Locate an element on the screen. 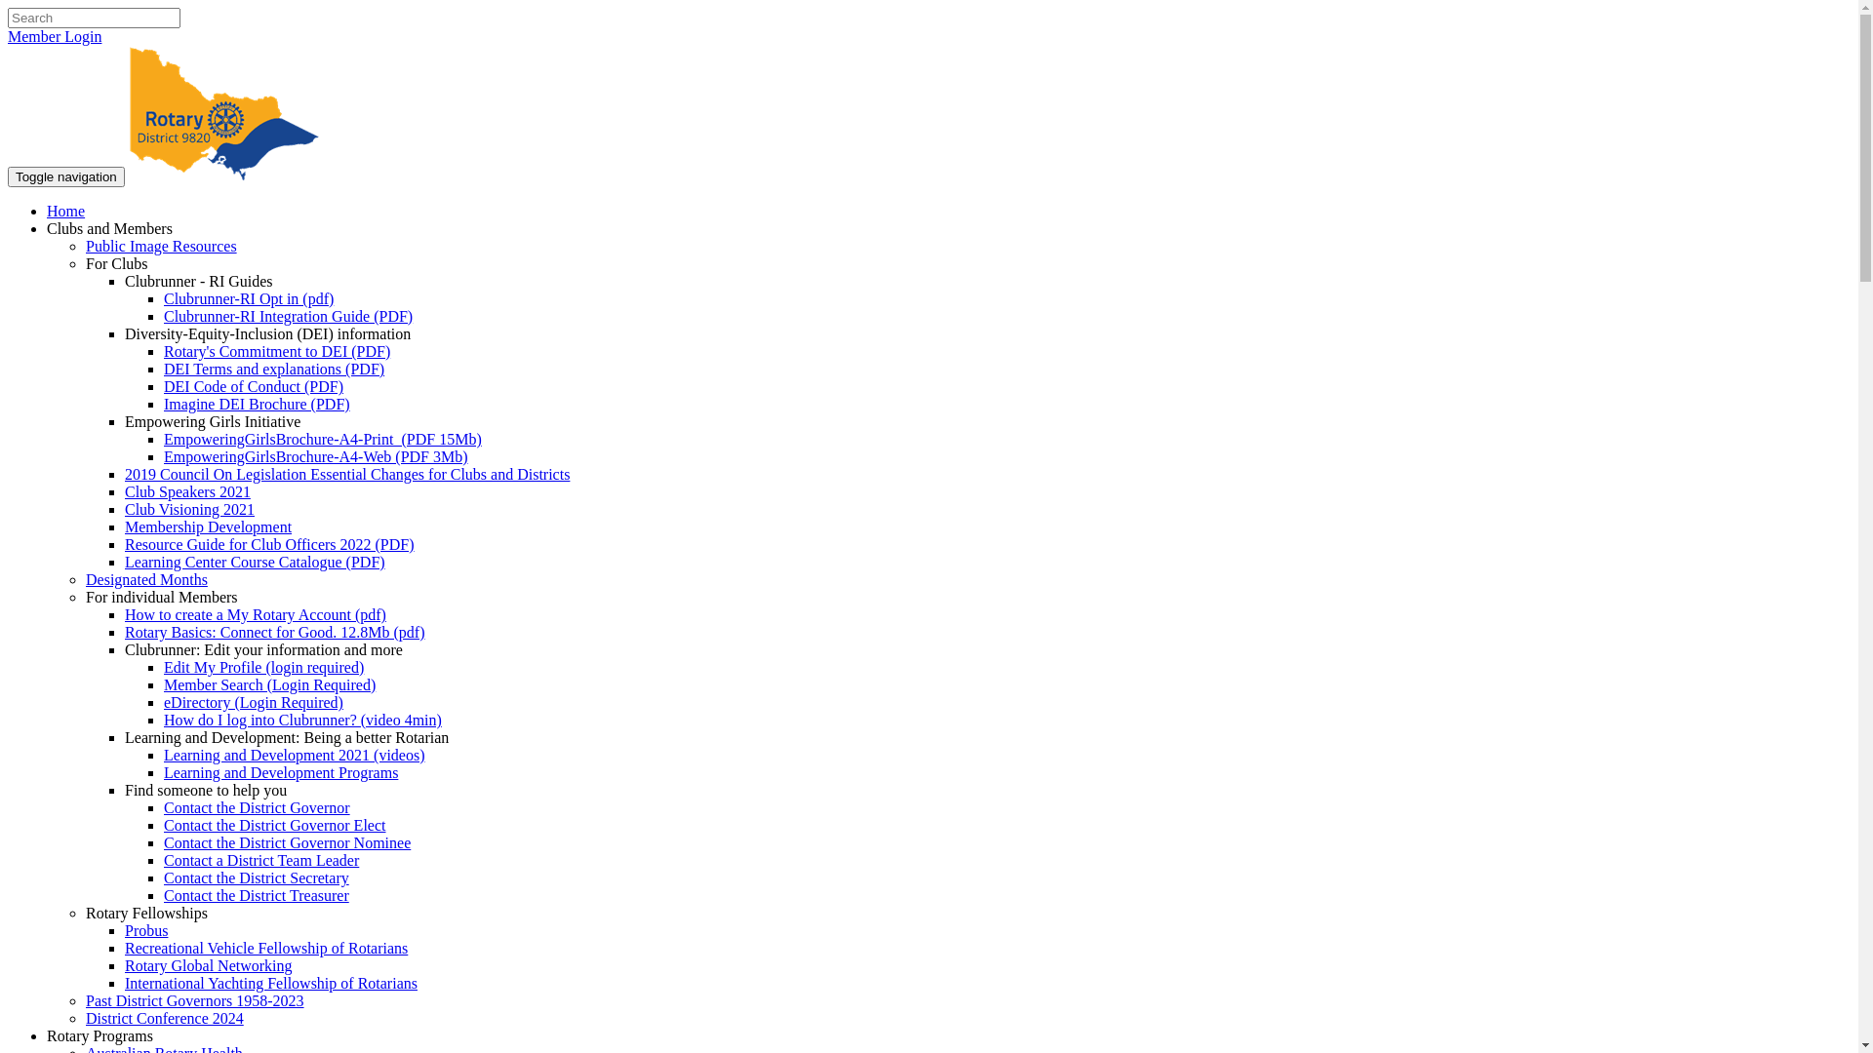 The image size is (1873, 1053). 'Clubrunner-RI Opt in (pdf)' is located at coordinates (164, 298).